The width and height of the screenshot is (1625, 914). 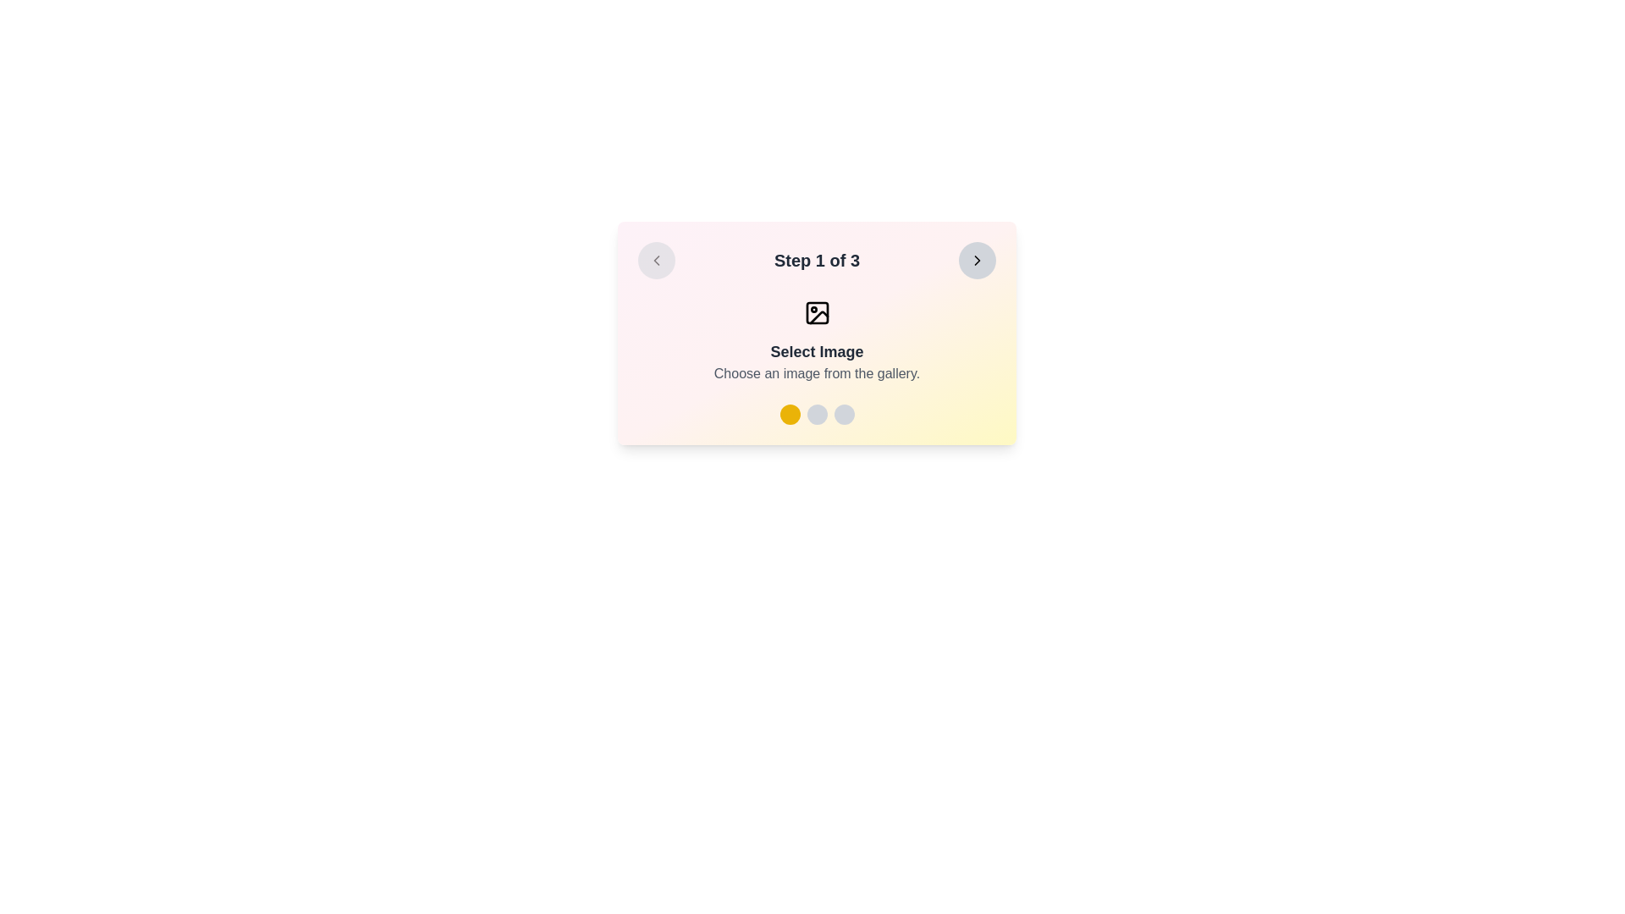 What do you see at coordinates (656, 261) in the screenshot?
I see `the left-facing chevron arrow icon located within the circular button on the left edge of the card-like interface` at bounding box center [656, 261].